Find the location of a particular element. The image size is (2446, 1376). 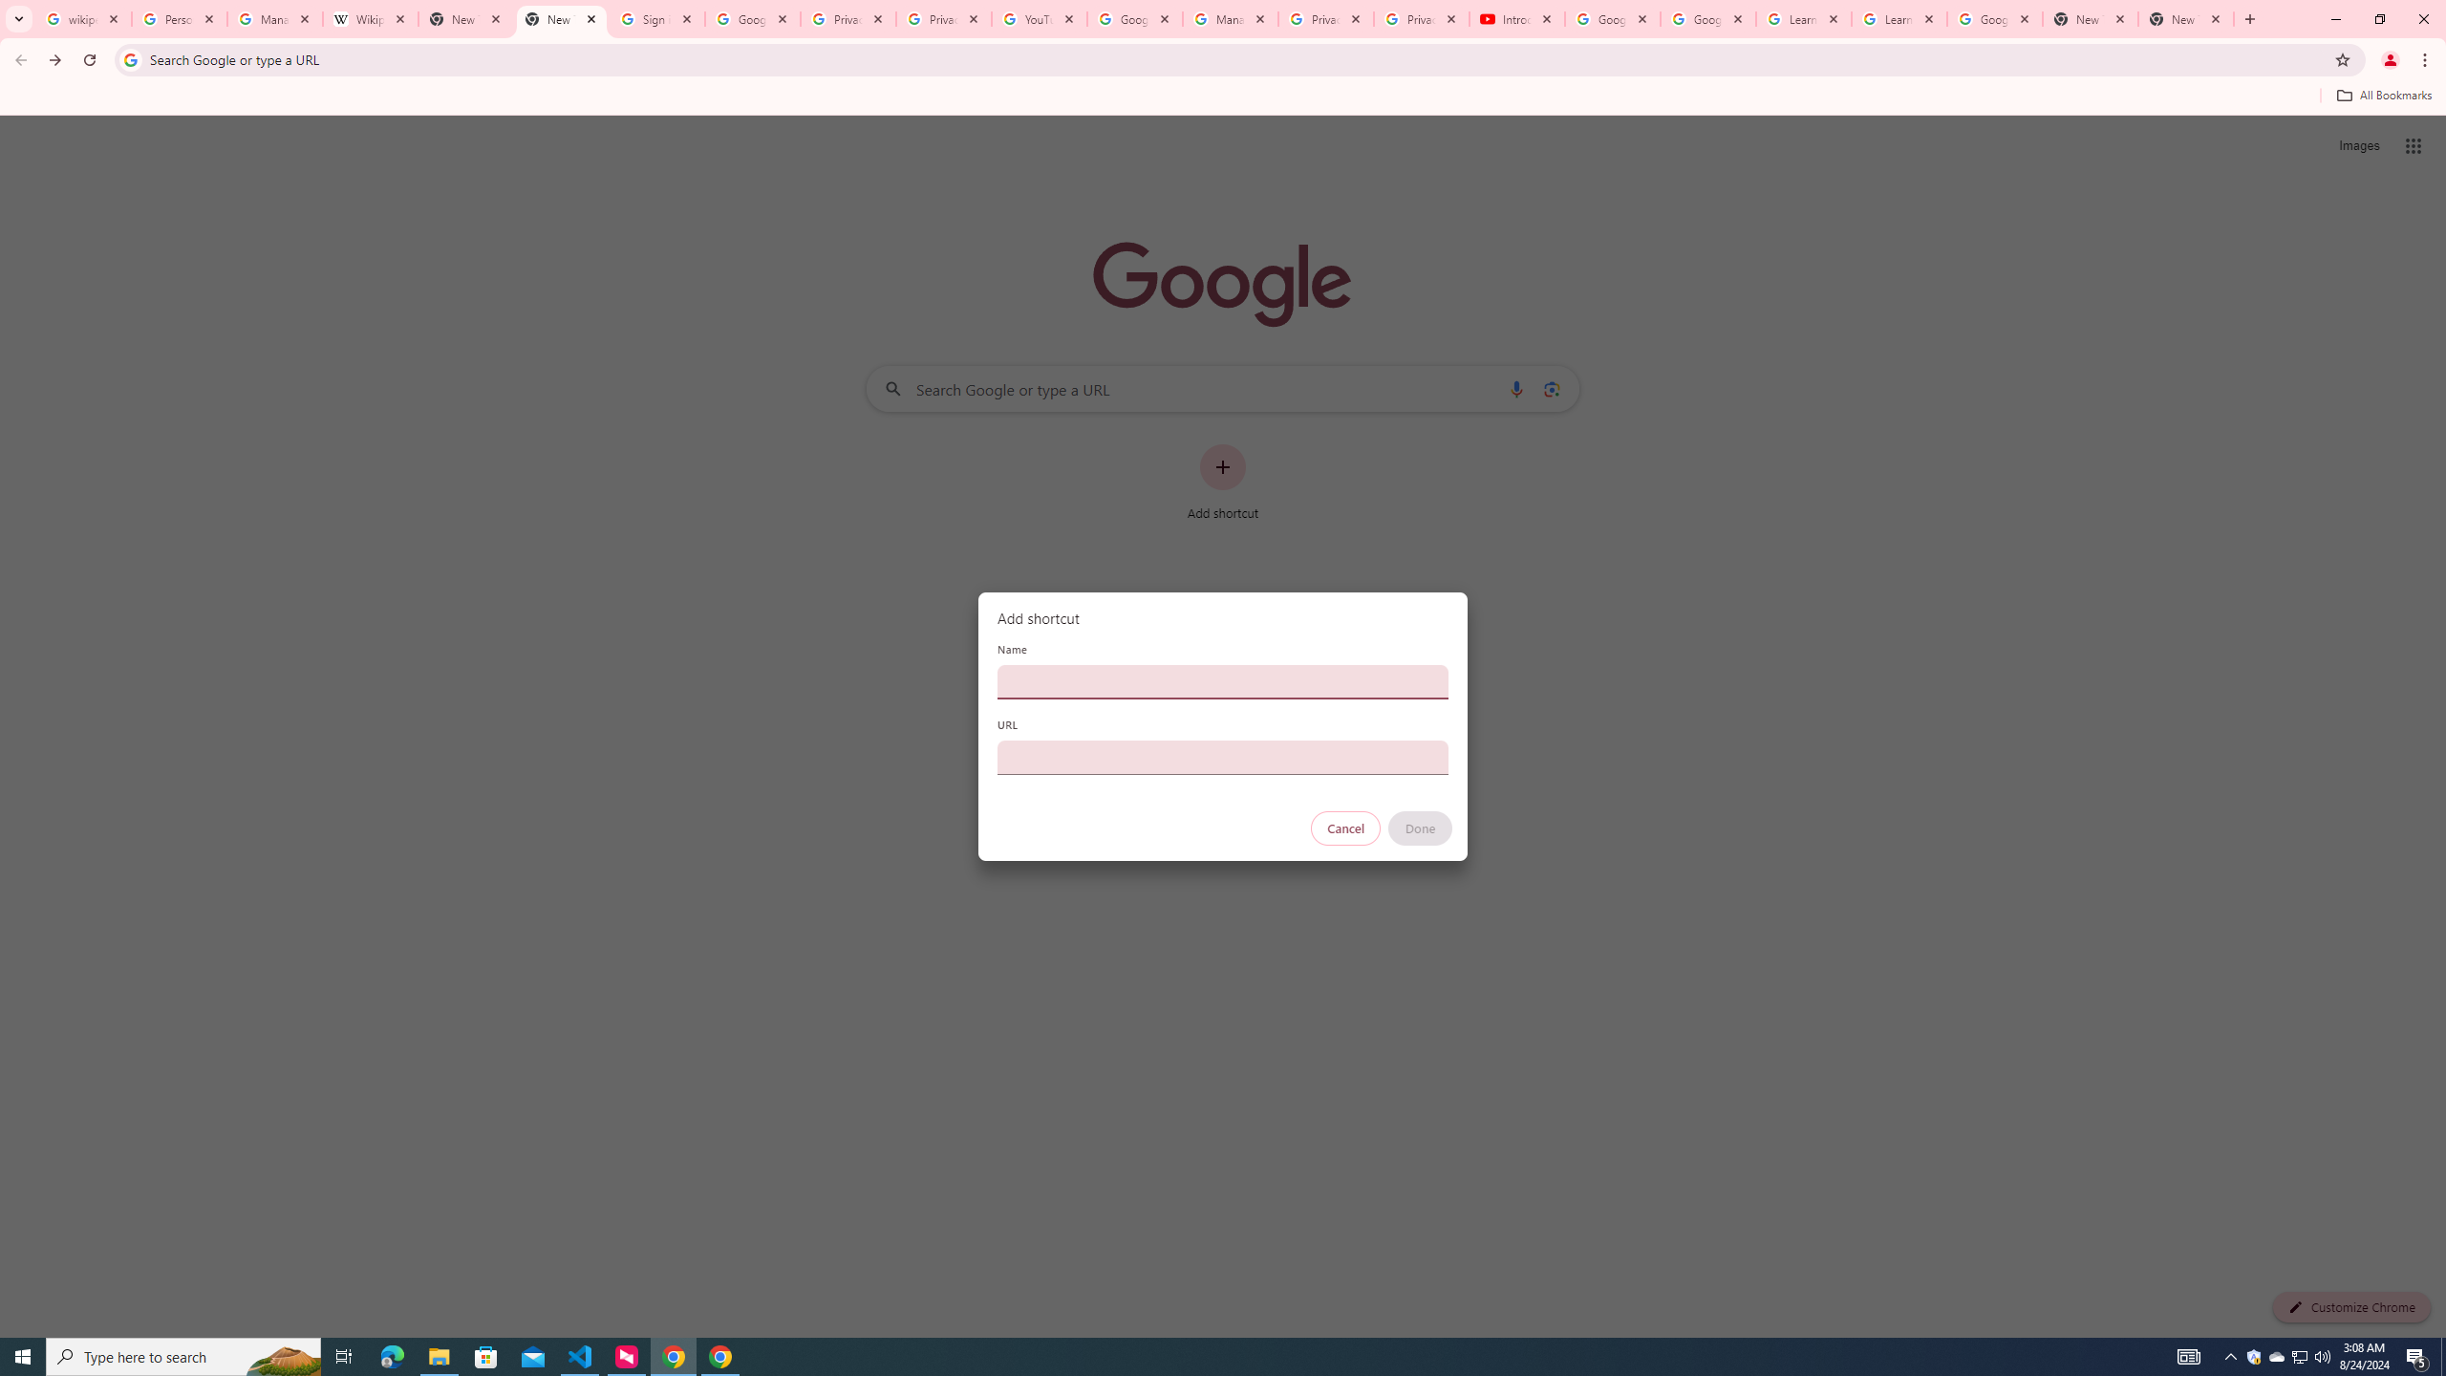

'Sign in - Google Accounts' is located at coordinates (657, 18).